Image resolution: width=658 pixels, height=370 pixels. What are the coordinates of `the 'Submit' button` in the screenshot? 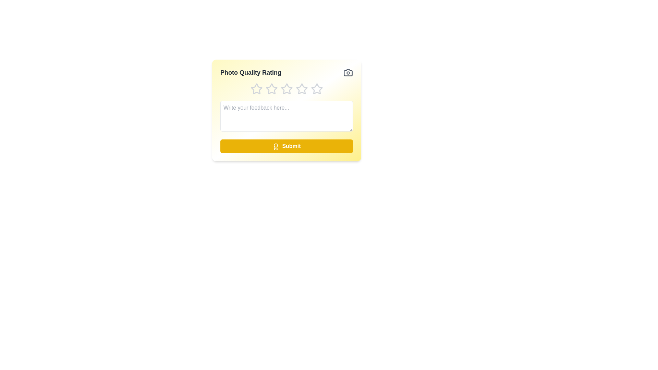 It's located at (287, 146).